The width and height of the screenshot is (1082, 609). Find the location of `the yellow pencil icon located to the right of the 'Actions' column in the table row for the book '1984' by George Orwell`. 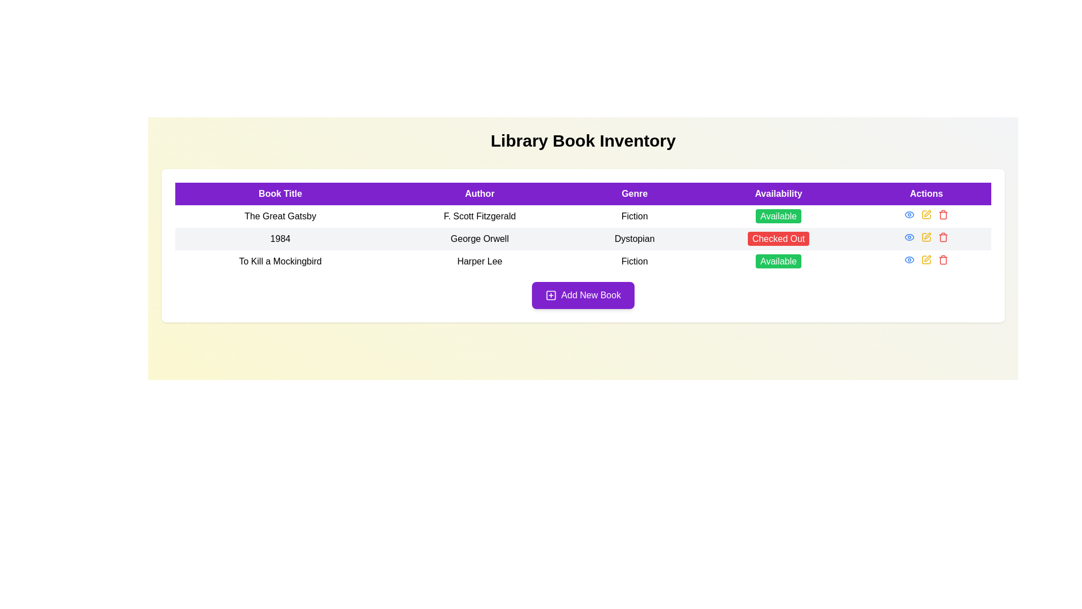

the yellow pencil icon located to the right of the 'Actions' column in the table row for the book '1984' by George Orwell is located at coordinates (926, 215).